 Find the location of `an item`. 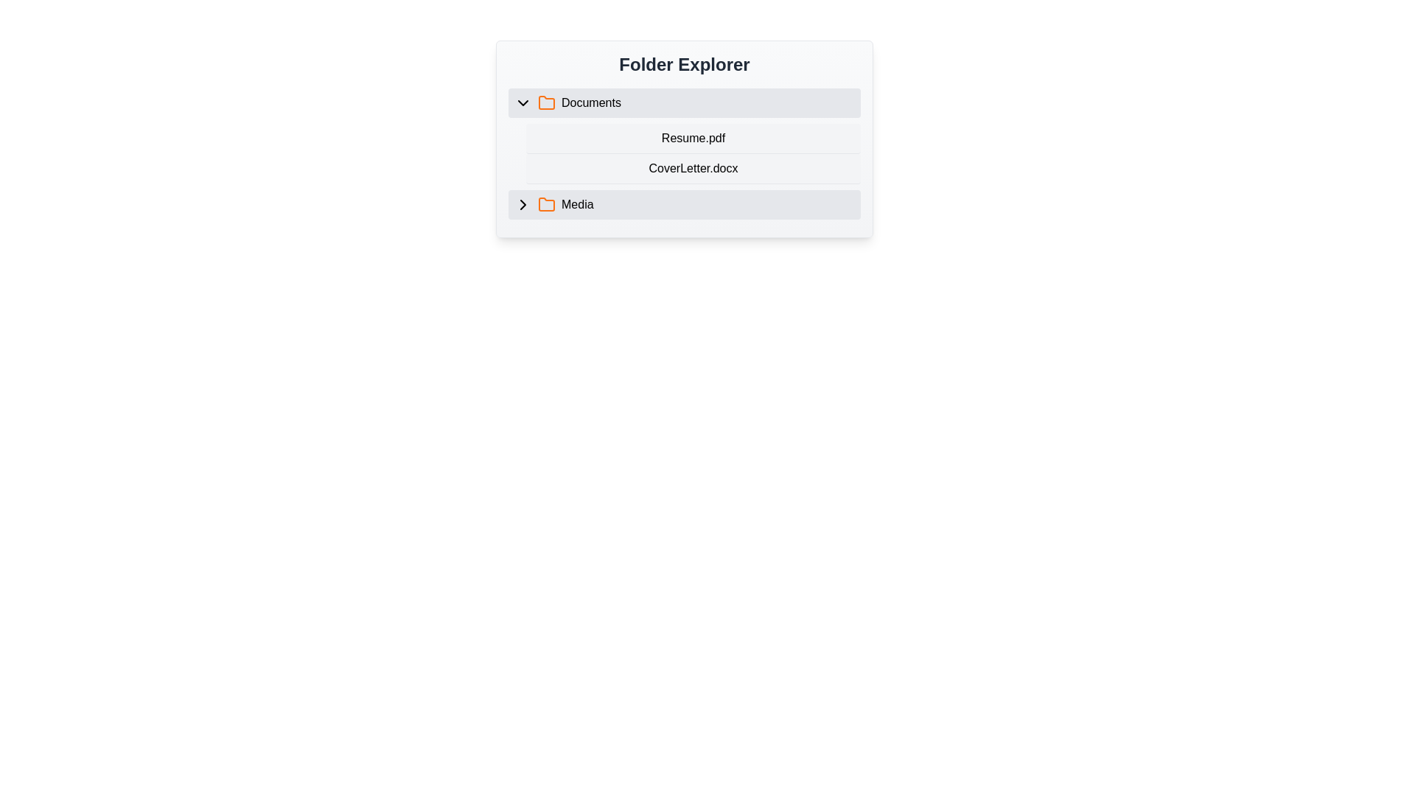

an item is located at coordinates (684, 136).